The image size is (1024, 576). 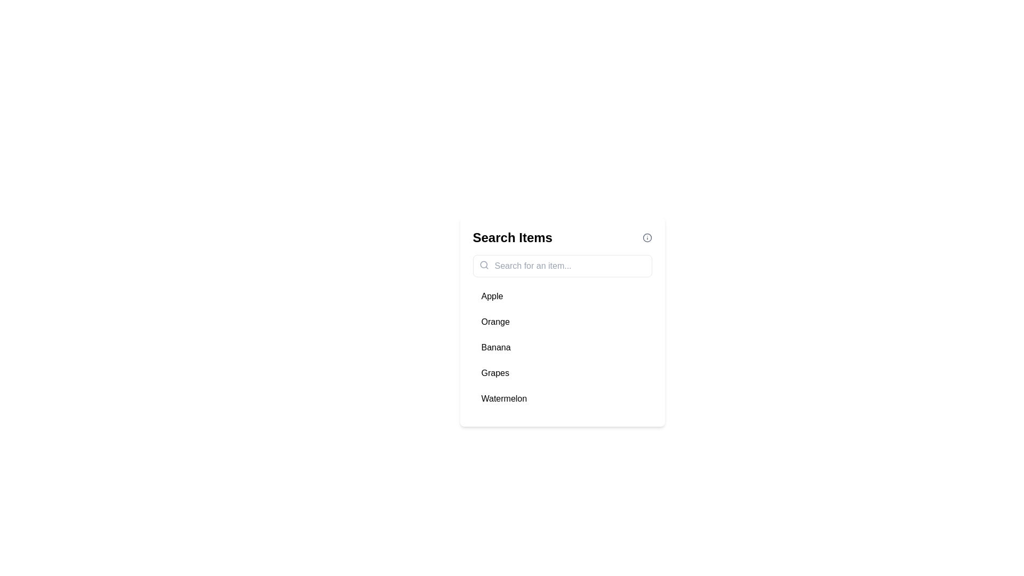 What do you see at coordinates (646, 237) in the screenshot?
I see `the close button to close the information dialog` at bounding box center [646, 237].